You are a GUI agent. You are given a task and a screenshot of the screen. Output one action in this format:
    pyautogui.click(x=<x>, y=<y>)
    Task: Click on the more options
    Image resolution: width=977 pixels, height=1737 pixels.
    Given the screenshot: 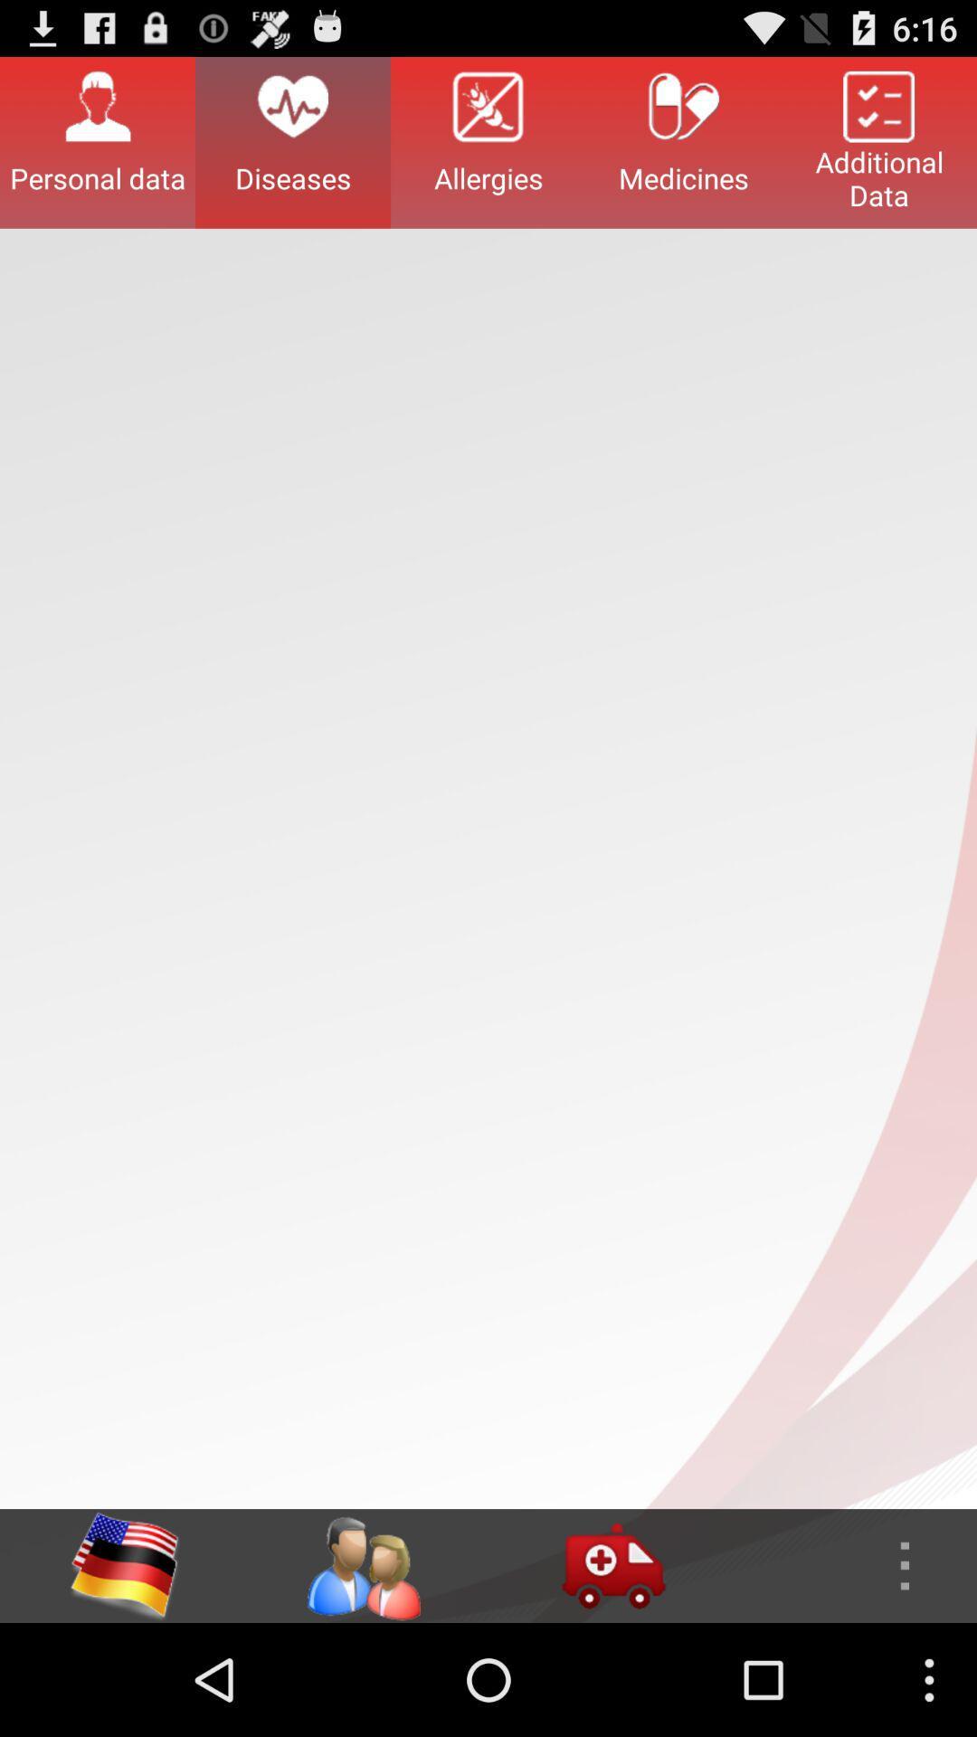 What is the action you would take?
    pyautogui.click(x=851, y=1565)
    